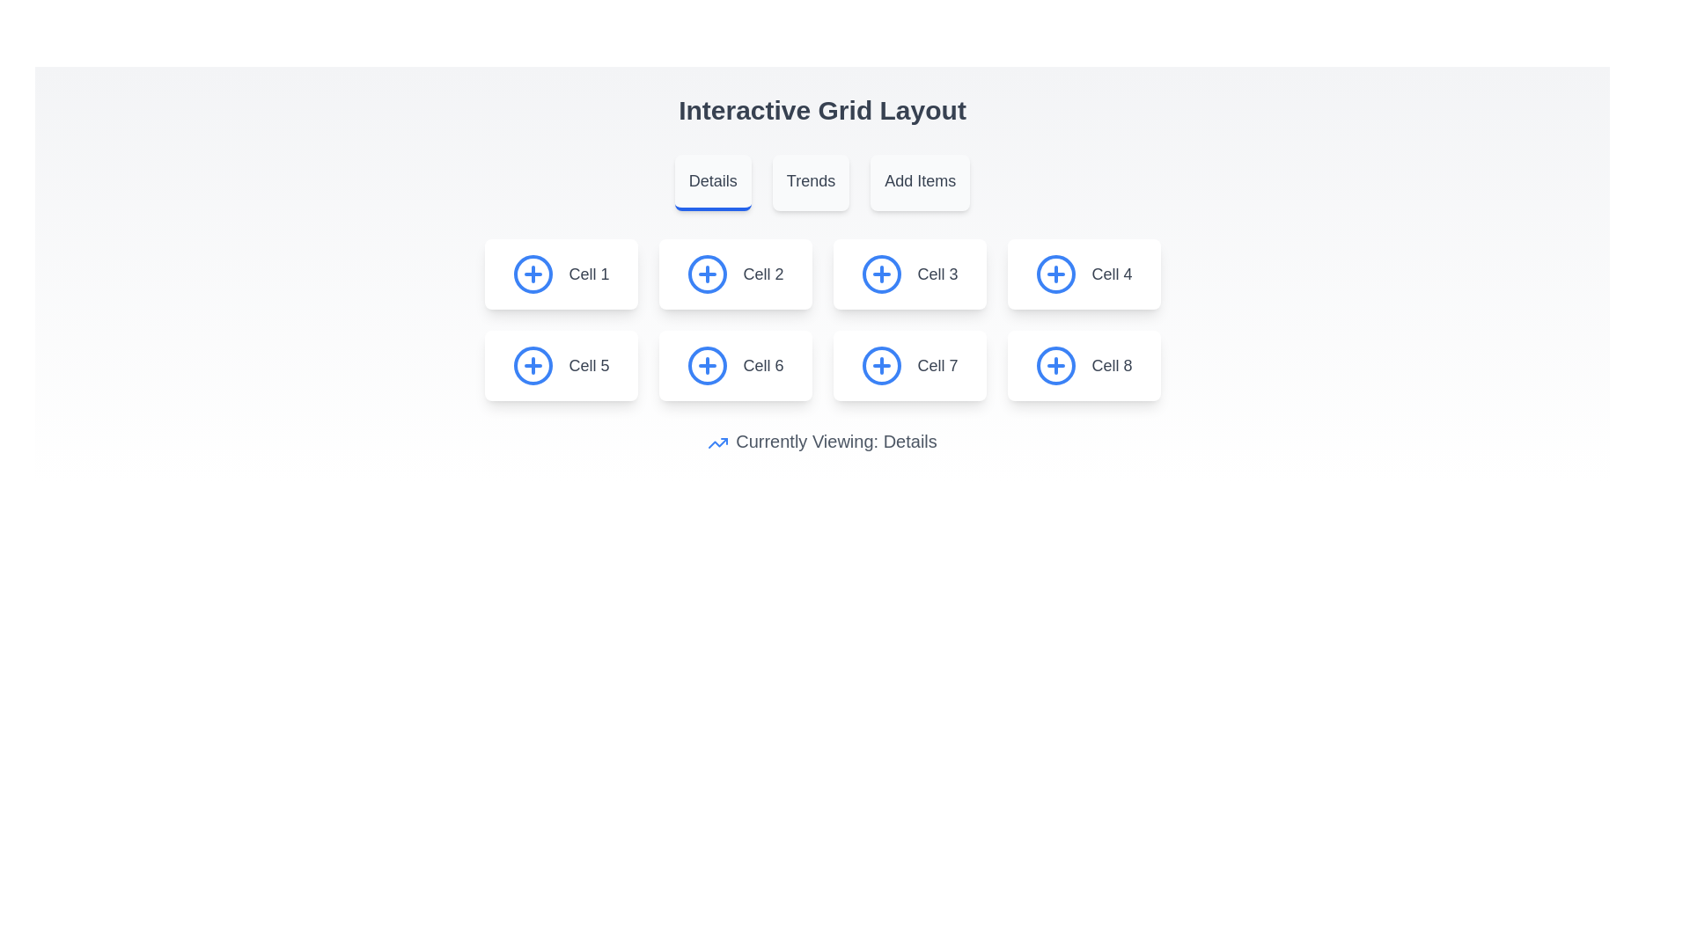 Image resolution: width=1690 pixels, height=950 pixels. What do you see at coordinates (533, 274) in the screenshot?
I see `the '+' button in 'Cell 1' located in the top-left corner of the grid layout to trigger a tooltip or visual feedback` at bounding box center [533, 274].